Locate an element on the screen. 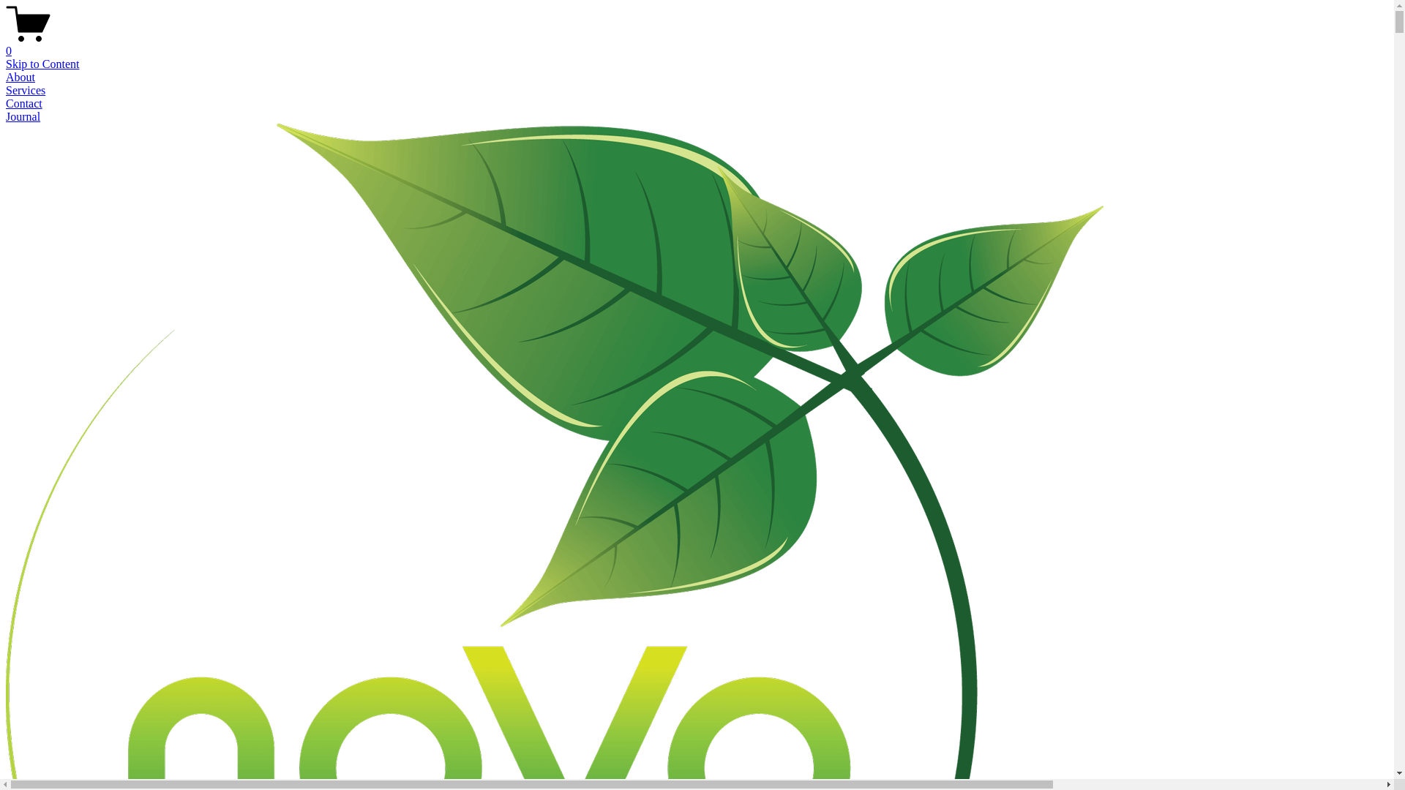 This screenshot has width=1405, height=790. 'About' is located at coordinates (20, 77).